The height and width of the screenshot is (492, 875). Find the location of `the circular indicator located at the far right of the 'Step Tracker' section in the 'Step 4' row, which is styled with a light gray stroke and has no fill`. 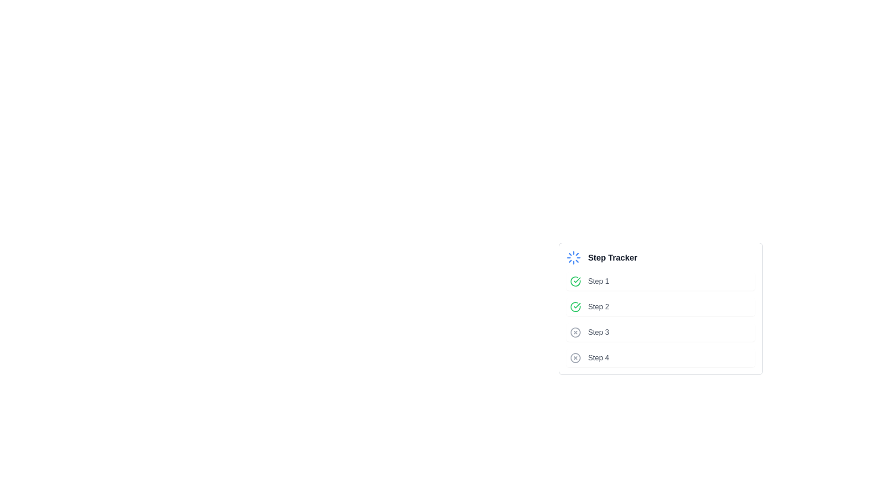

the circular indicator located at the far right of the 'Step Tracker' section in the 'Step 4' row, which is styled with a light gray stroke and has no fill is located at coordinates (575, 358).